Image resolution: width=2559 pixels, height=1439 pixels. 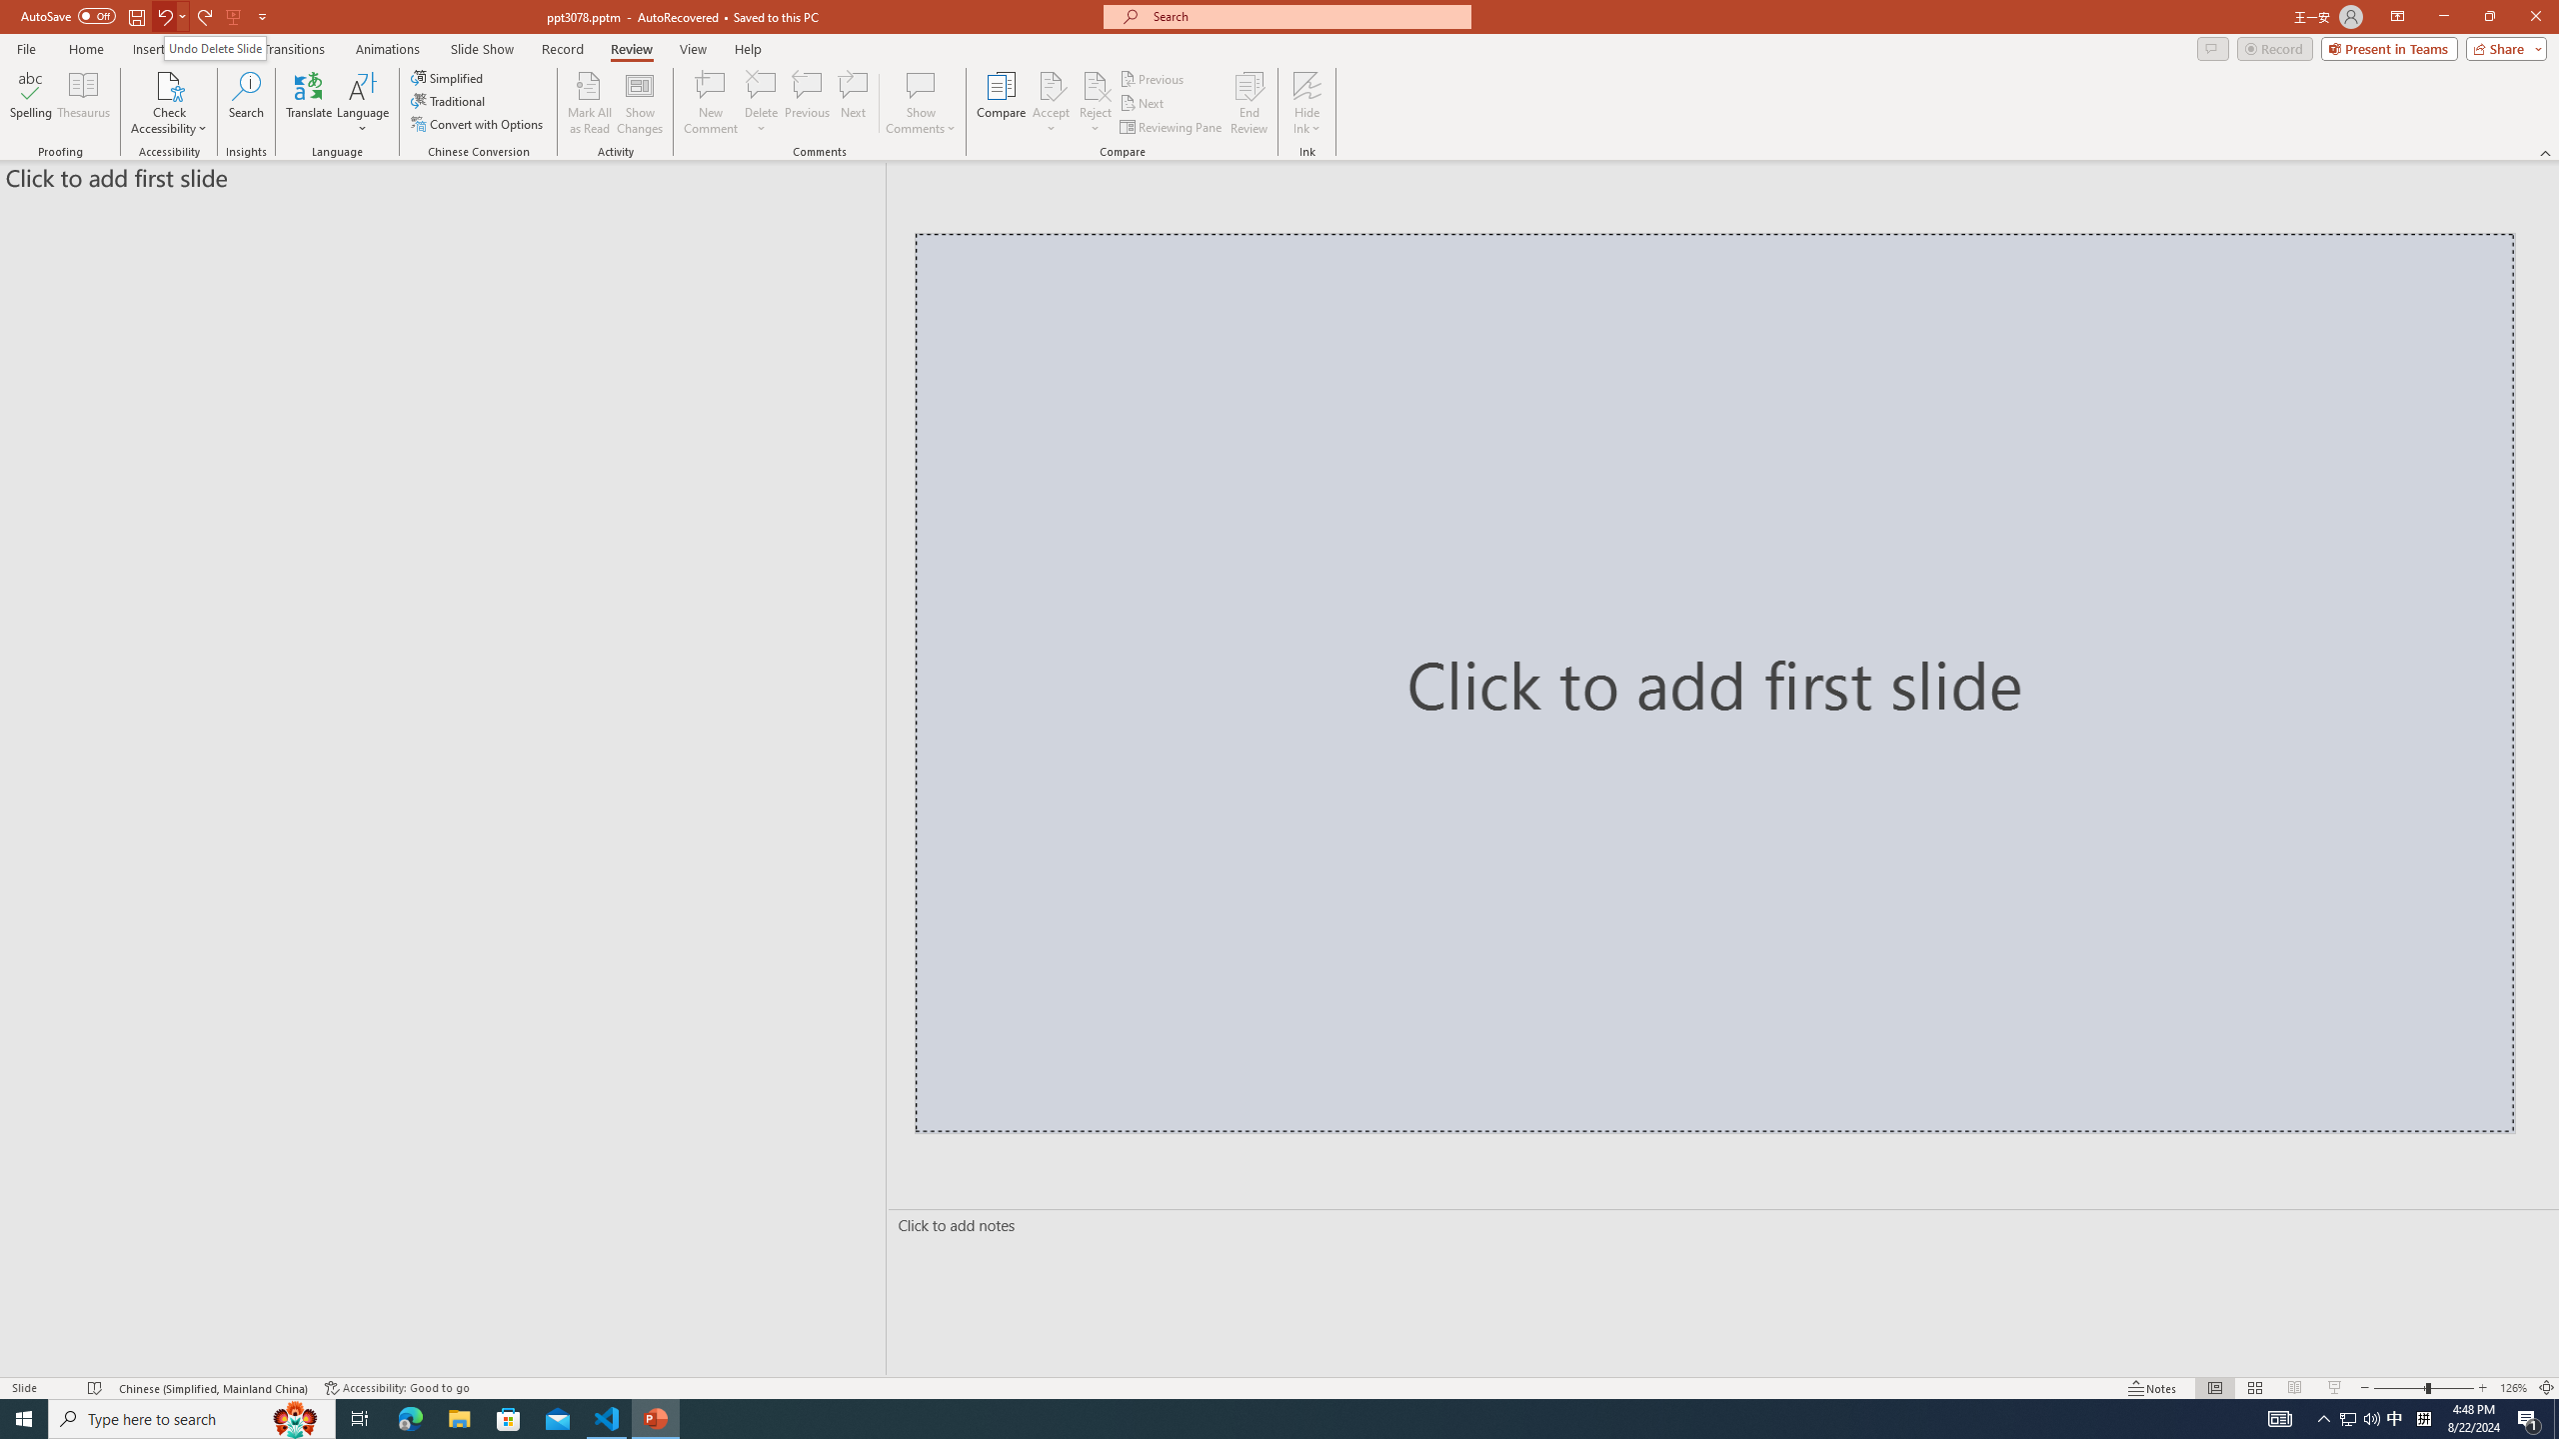 I want to click on 'Simplified', so click(x=448, y=77).